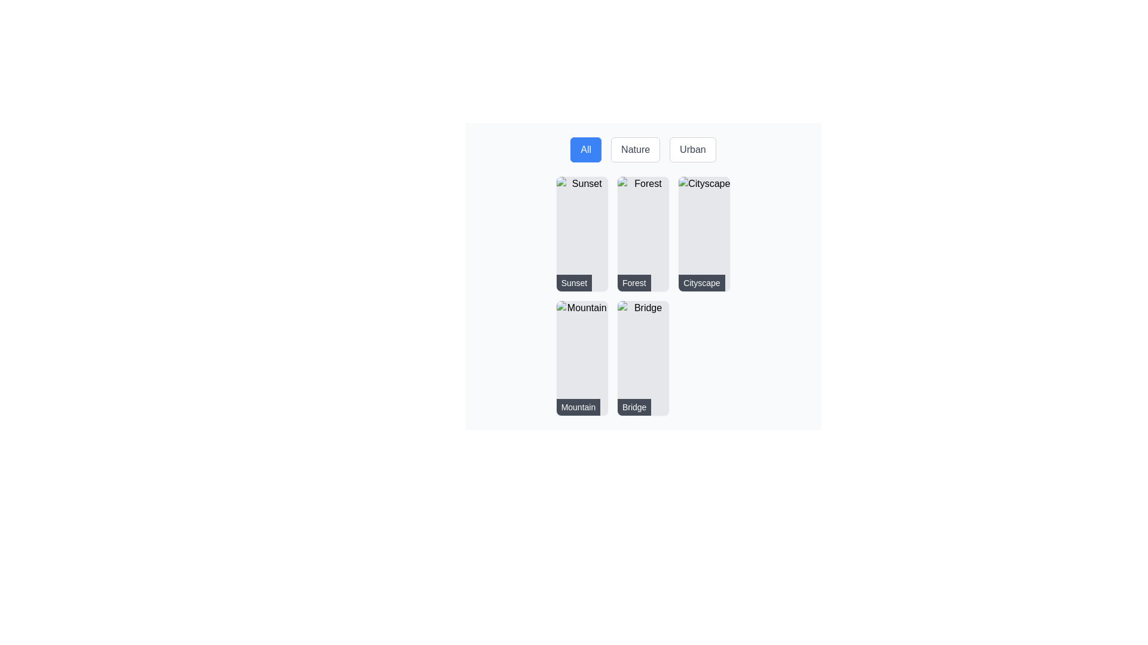 The height and width of the screenshot is (645, 1148). What do you see at coordinates (635, 149) in the screenshot?
I see `the button labeled 'Nature' which has rounded edges, a white background, and gray text to filter the content by 'Nature'` at bounding box center [635, 149].